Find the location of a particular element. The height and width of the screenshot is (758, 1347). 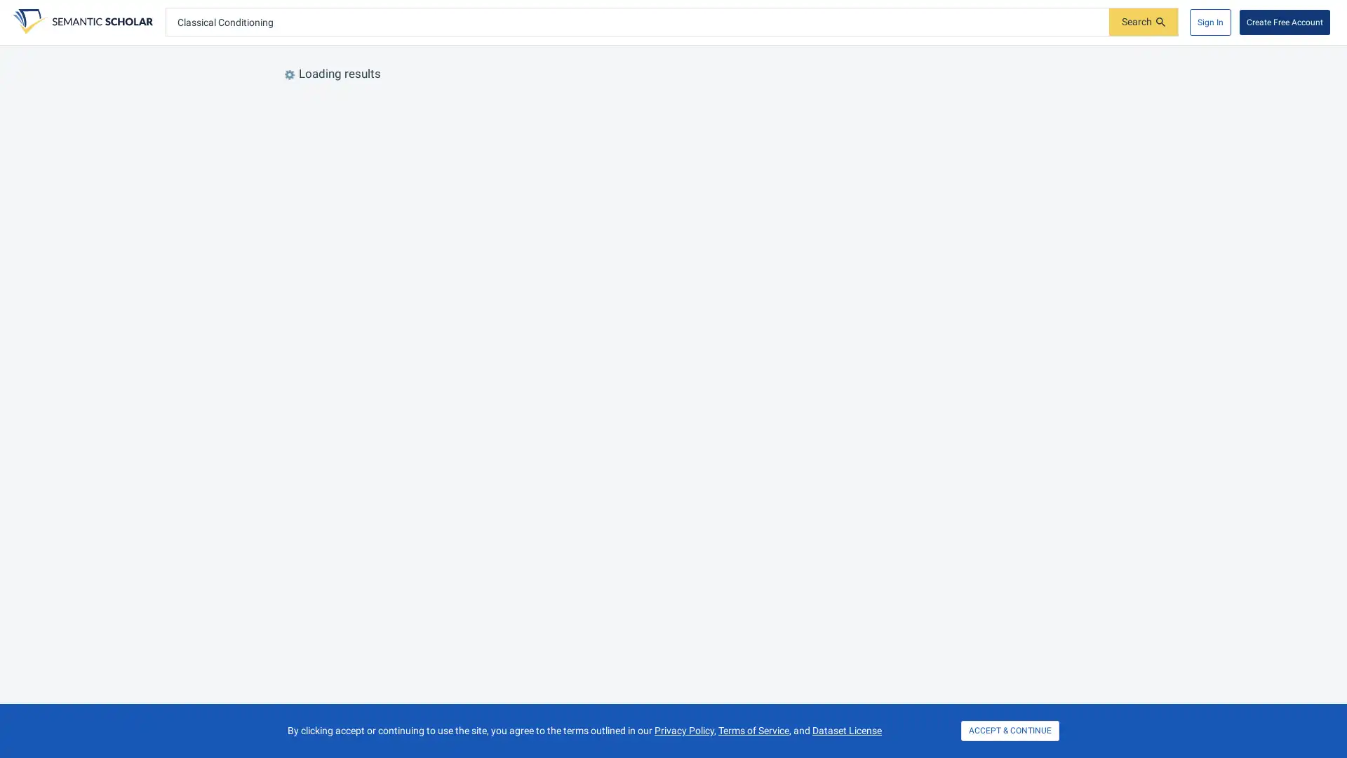

compact search results view is located at coordinates (1054, 110).